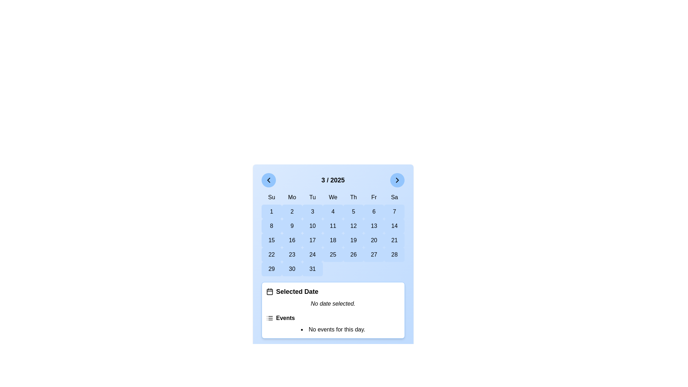  What do you see at coordinates (292, 197) in the screenshot?
I see `the static text label 'Mo' (Monday), which is the second header in the row of days in the calendar layout, located between 'Su' (Sunday) and 'Tu' (Tuesday)` at bounding box center [292, 197].